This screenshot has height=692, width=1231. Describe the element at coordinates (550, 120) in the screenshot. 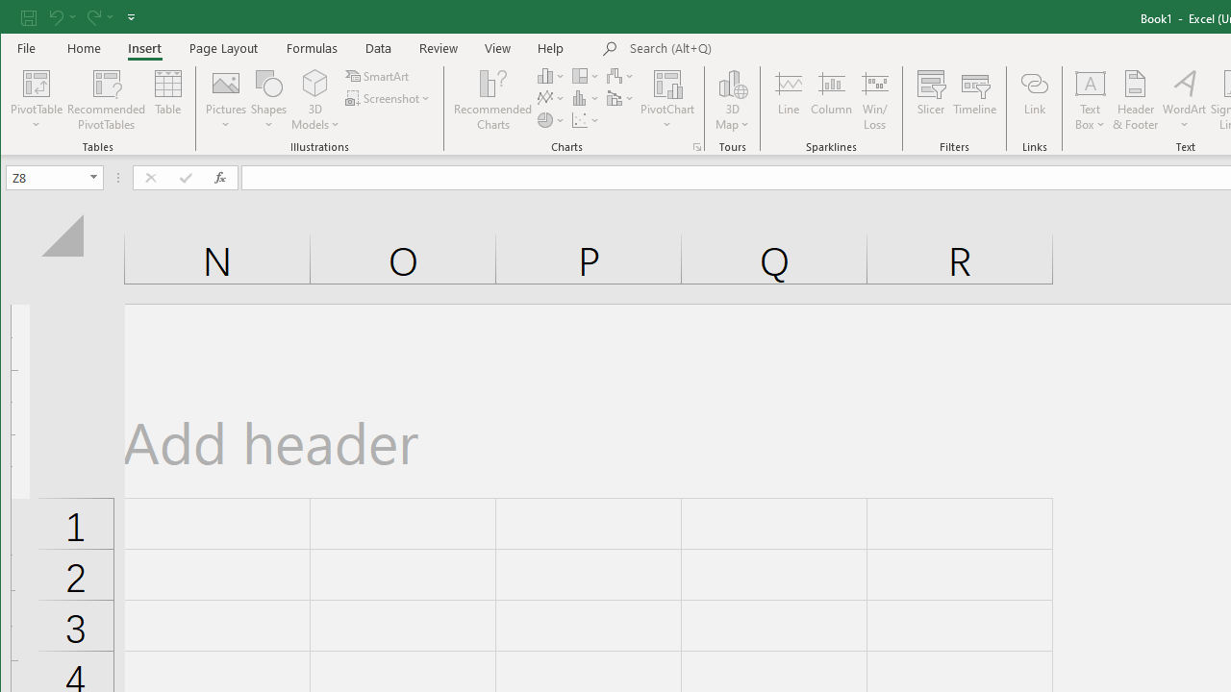

I see `'Insert Pie or Doughnut Chart'` at that location.